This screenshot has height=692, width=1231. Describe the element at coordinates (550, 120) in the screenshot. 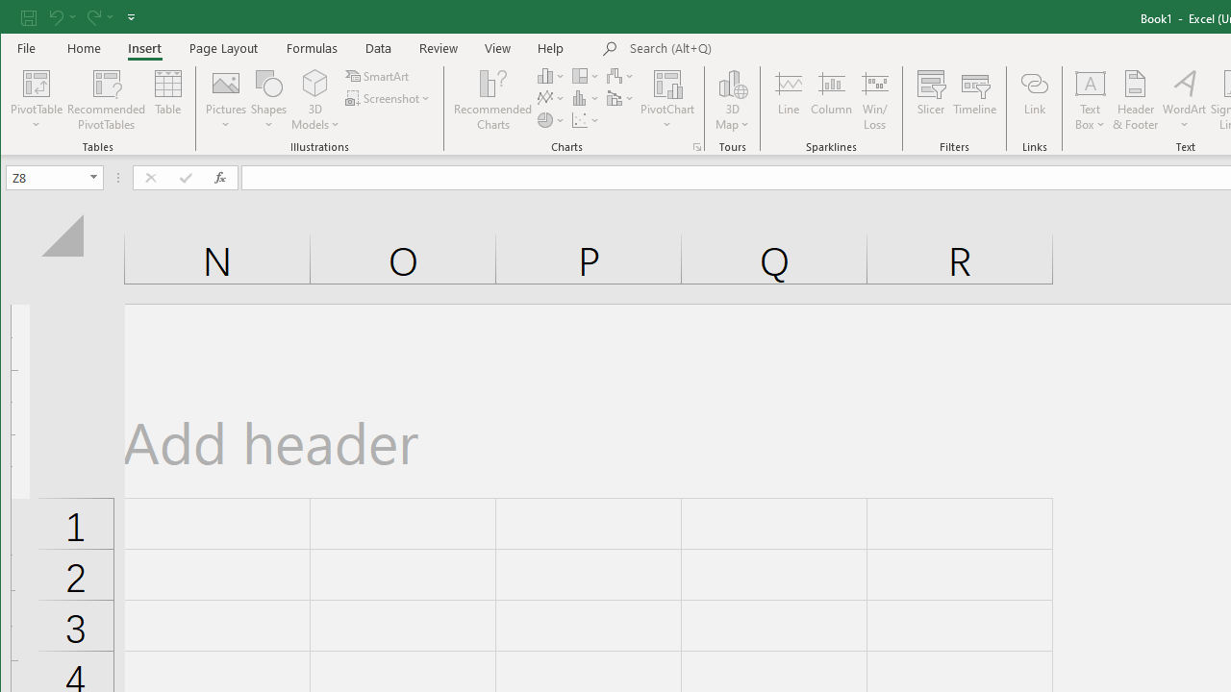

I see `'Insert Pie or Doughnut Chart'` at that location.